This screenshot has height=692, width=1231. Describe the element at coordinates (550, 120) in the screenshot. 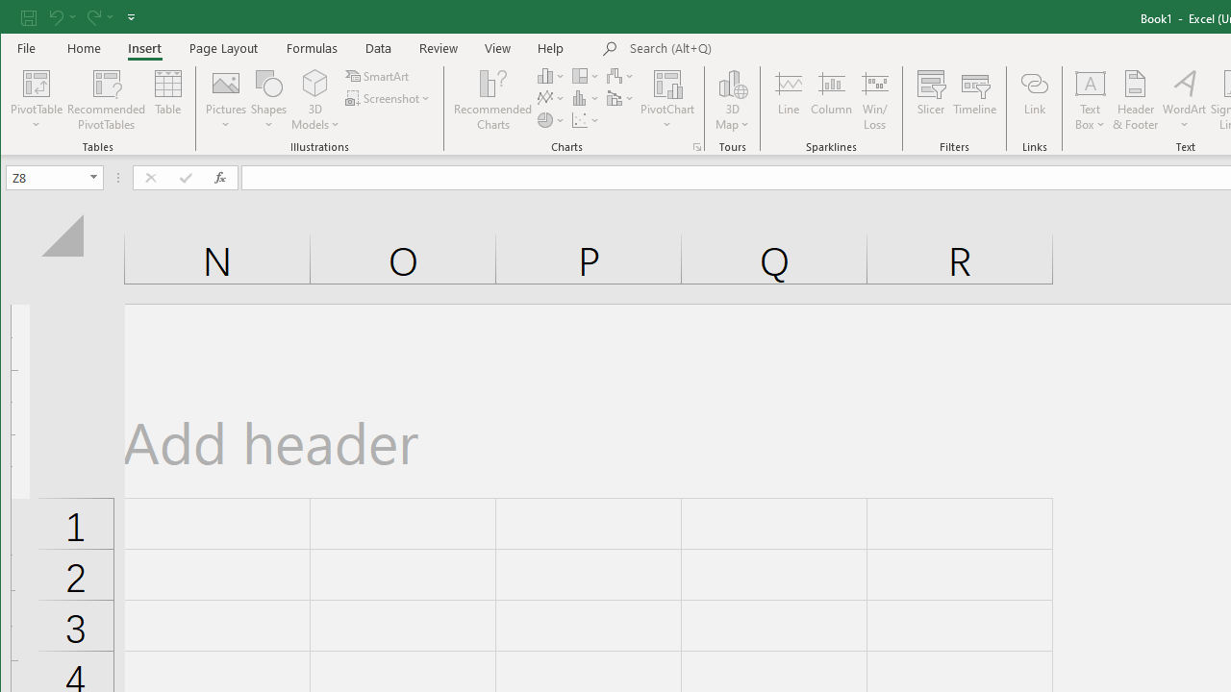

I see `'Insert Pie or Doughnut Chart'` at that location.